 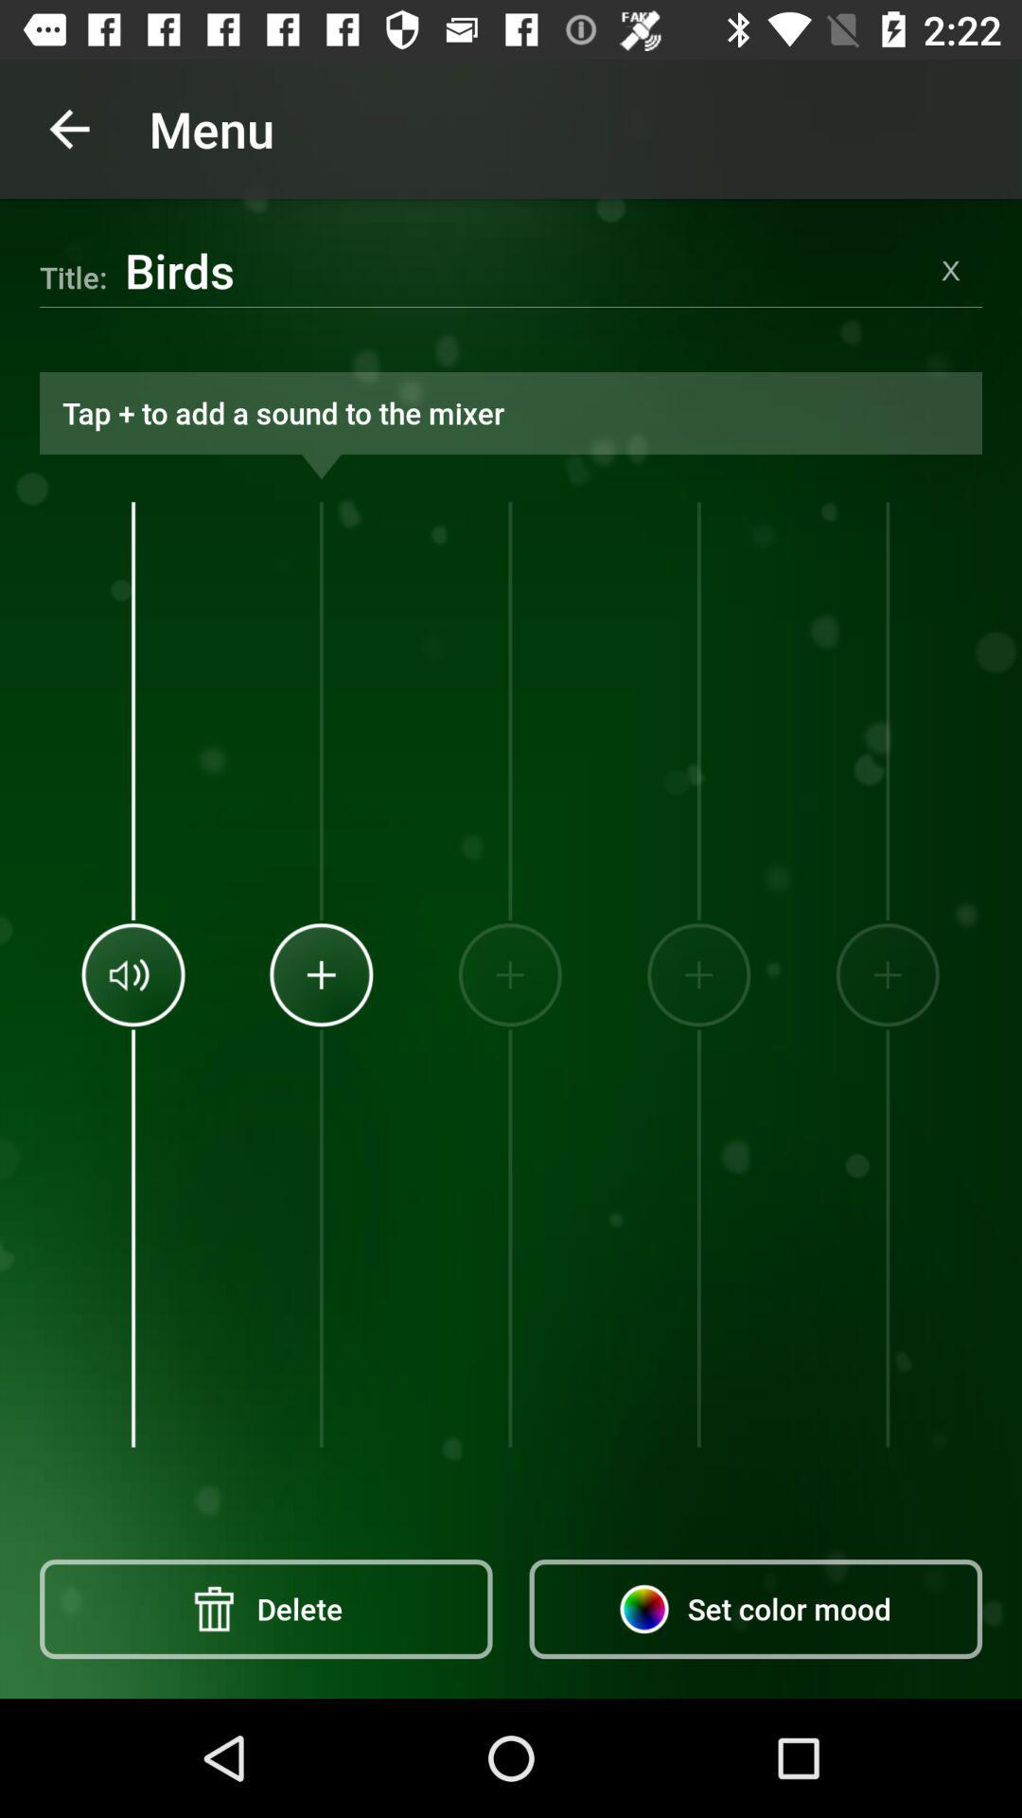 I want to click on the item below the tap to add item, so click(x=509, y=974).